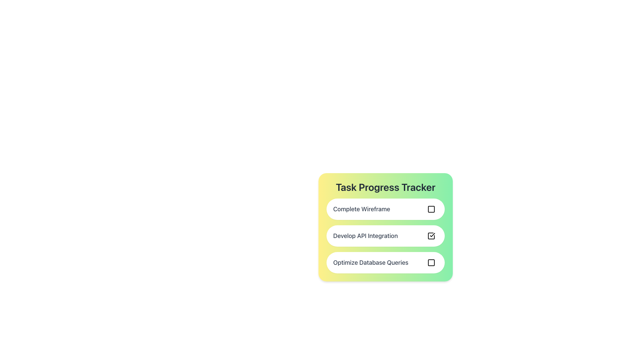 The height and width of the screenshot is (361, 643). I want to click on the checkbox, so click(431, 235).